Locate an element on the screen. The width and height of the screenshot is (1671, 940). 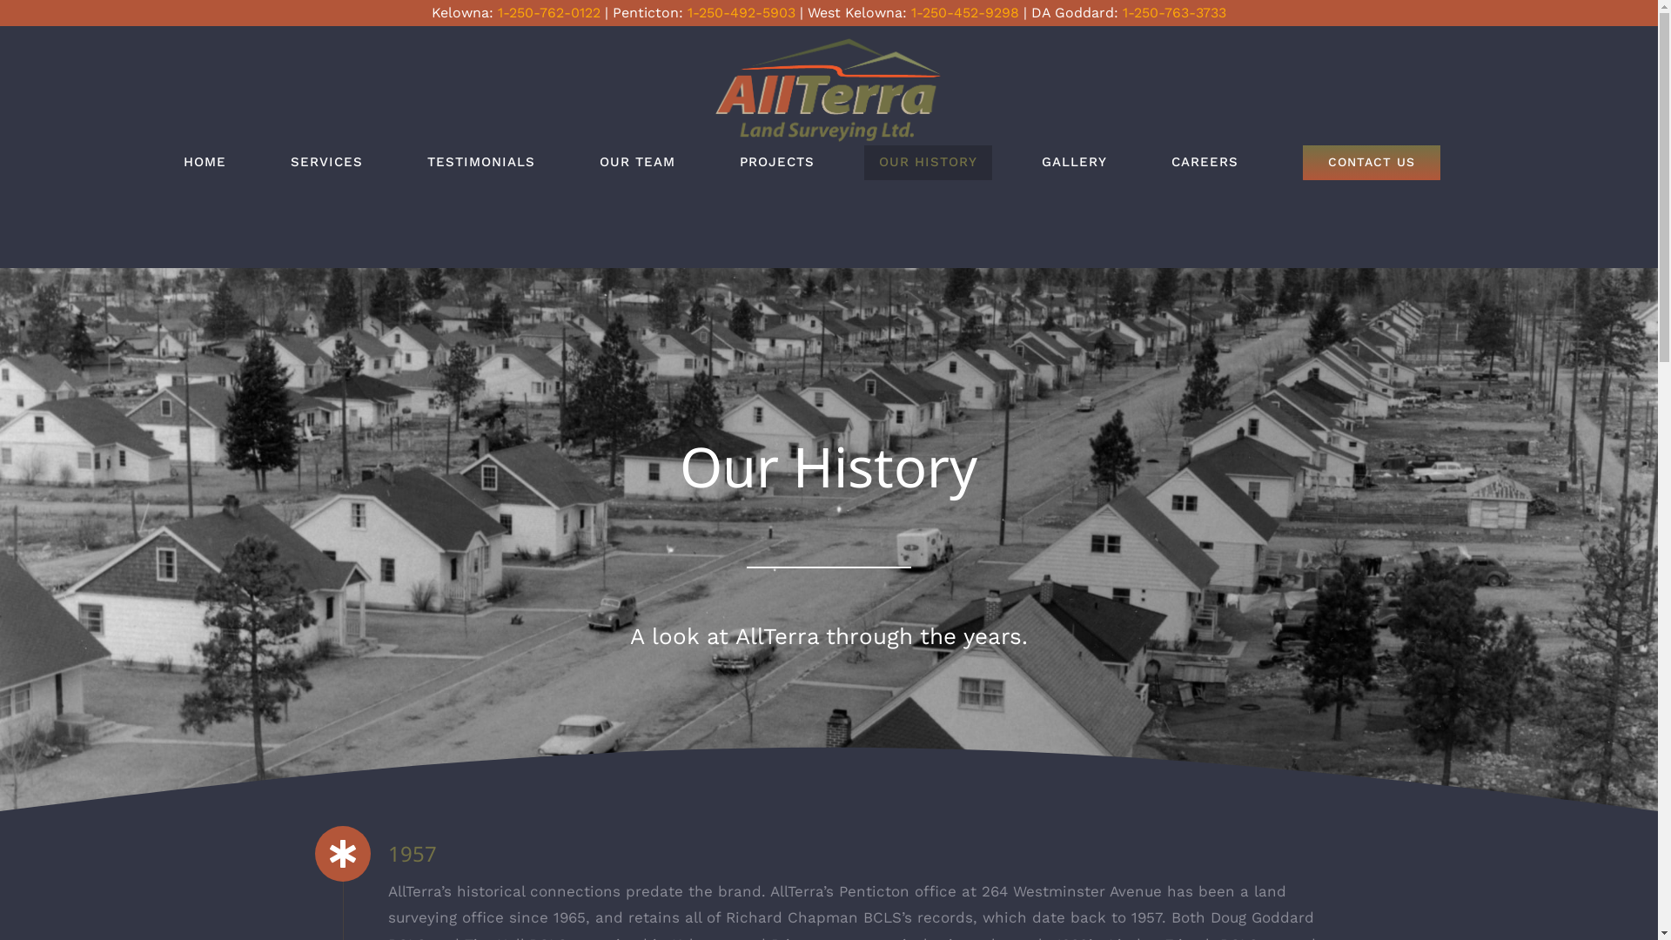
'OUR HISTORY' is located at coordinates (926, 162).